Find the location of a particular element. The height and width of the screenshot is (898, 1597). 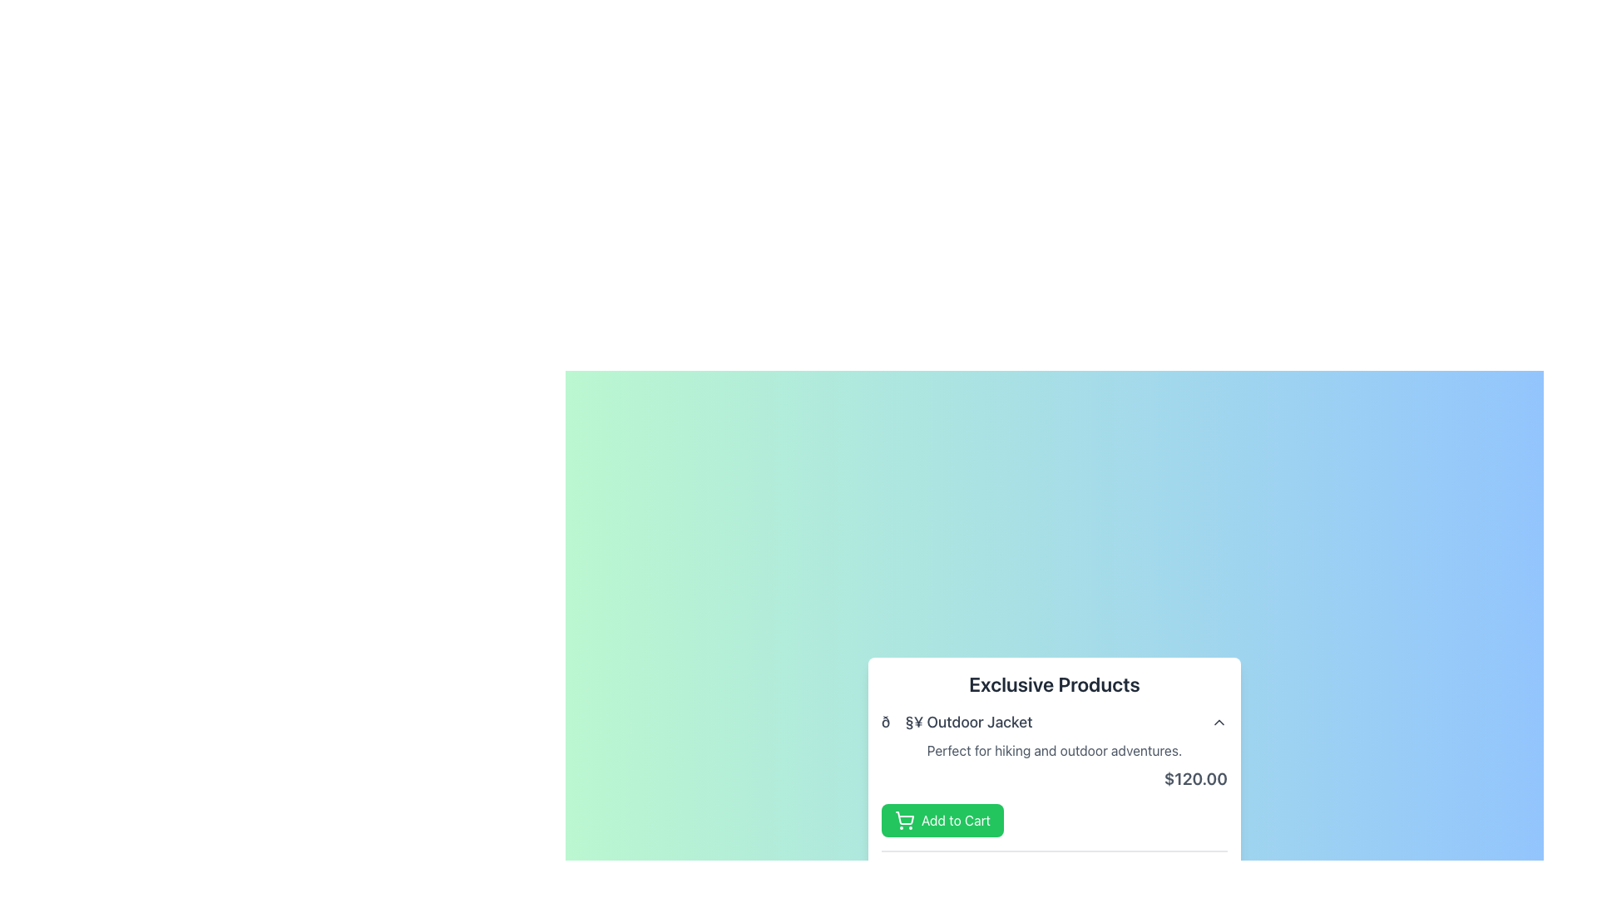

the button located to the right of the text '🧥 Outdoor Jacket' is located at coordinates (1219, 721).